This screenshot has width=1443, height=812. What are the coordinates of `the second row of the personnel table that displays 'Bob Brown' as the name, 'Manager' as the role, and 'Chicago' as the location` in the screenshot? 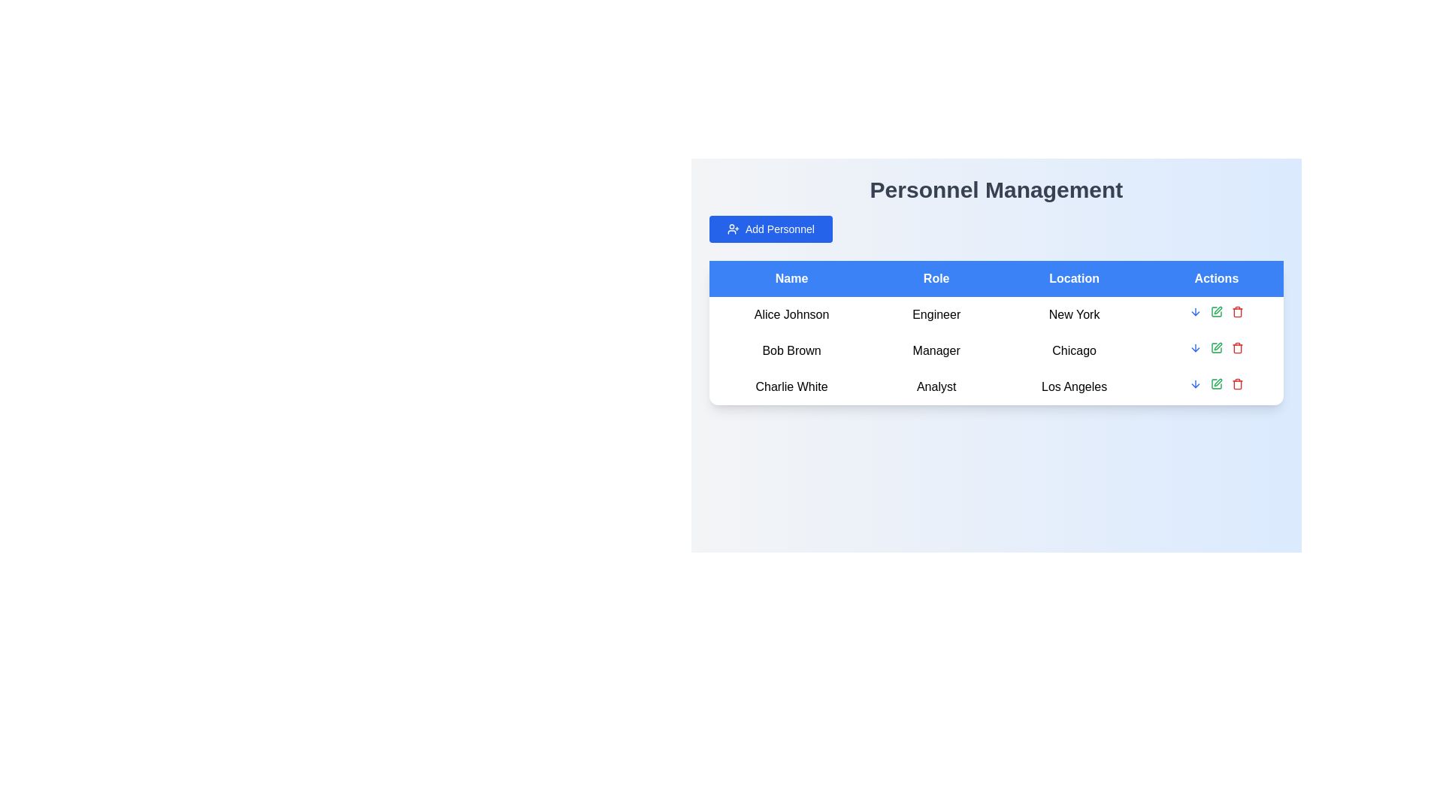 It's located at (996, 350).